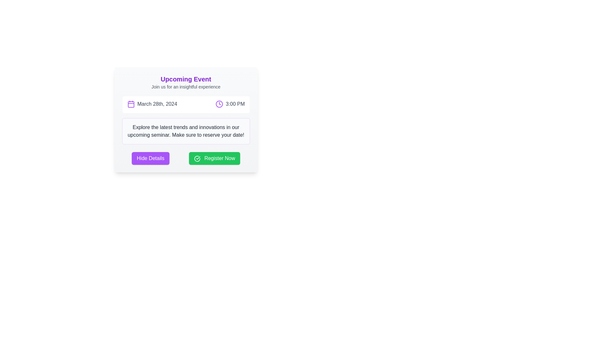  Describe the element at coordinates (185, 131) in the screenshot. I see `text displayed in the centrally aligned text block with gray font color, located in the lower half of the card interface, above the action buttons` at that location.